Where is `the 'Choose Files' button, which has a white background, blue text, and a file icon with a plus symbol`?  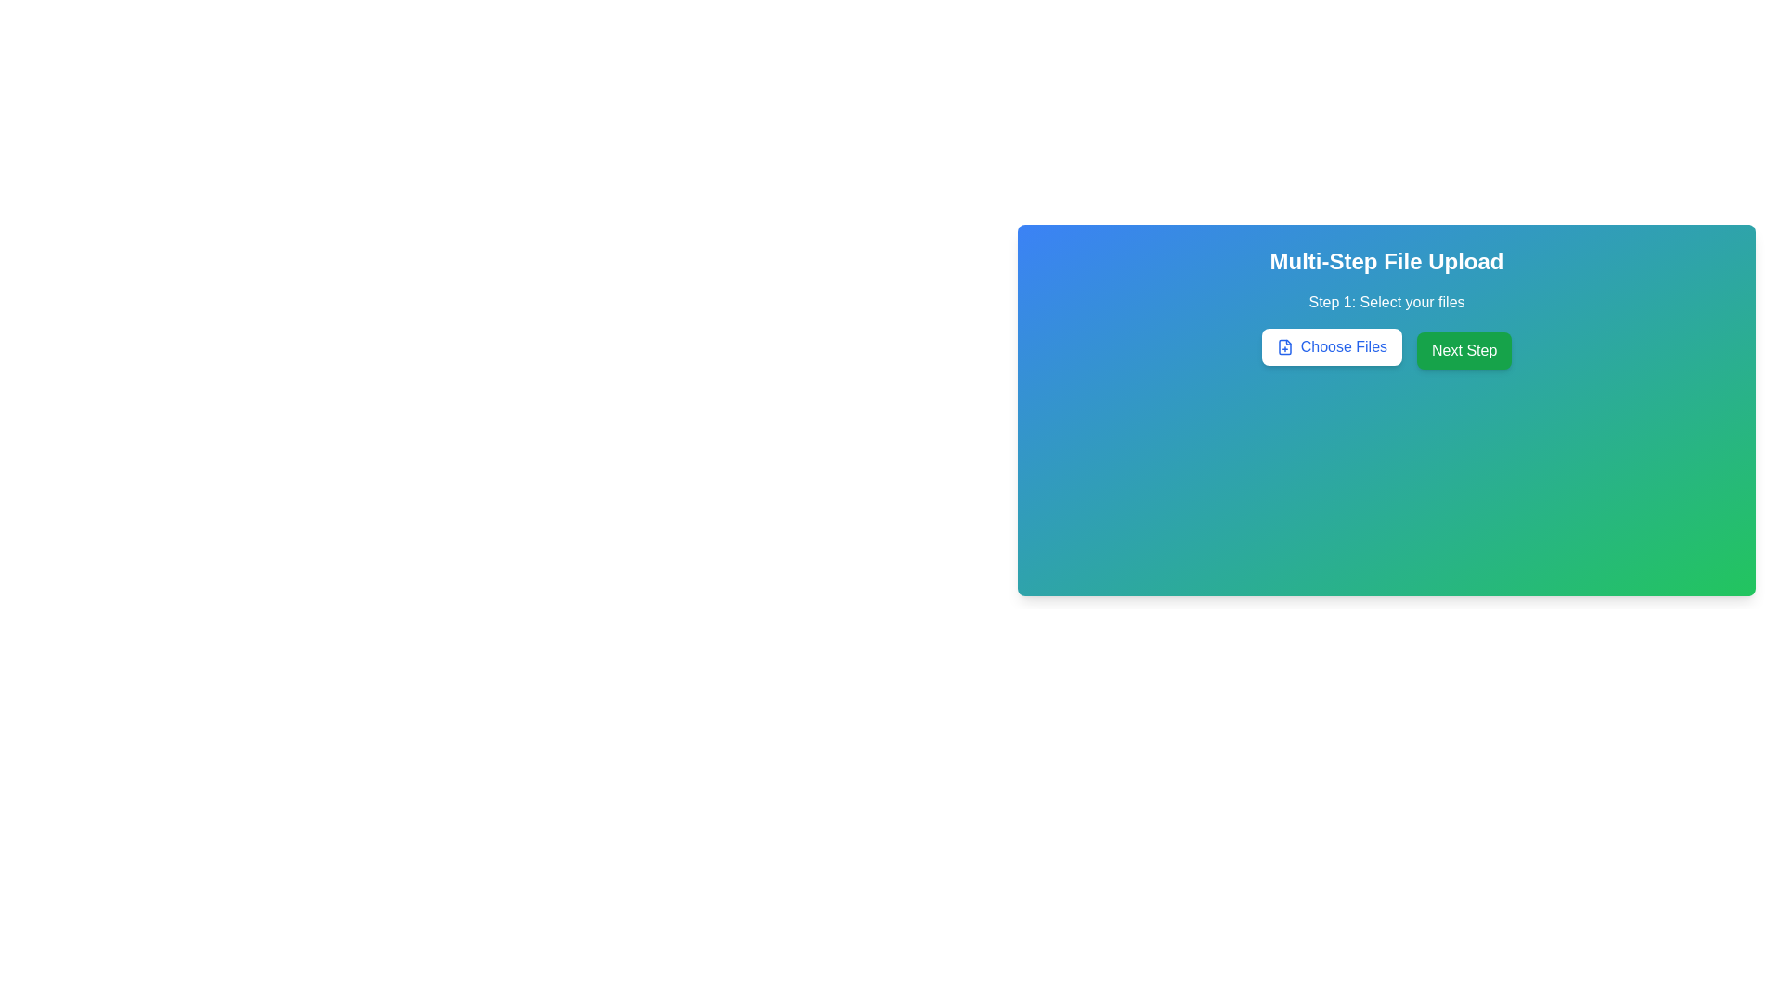
the 'Choose Files' button, which has a white background, blue text, and a file icon with a plus symbol is located at coordinates (1331, 347).